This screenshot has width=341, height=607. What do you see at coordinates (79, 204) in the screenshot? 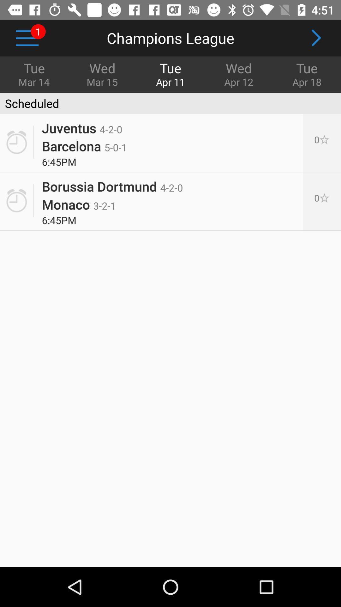
I see `item below borussia dortmund 4 item` at bounding box center [79, 204].